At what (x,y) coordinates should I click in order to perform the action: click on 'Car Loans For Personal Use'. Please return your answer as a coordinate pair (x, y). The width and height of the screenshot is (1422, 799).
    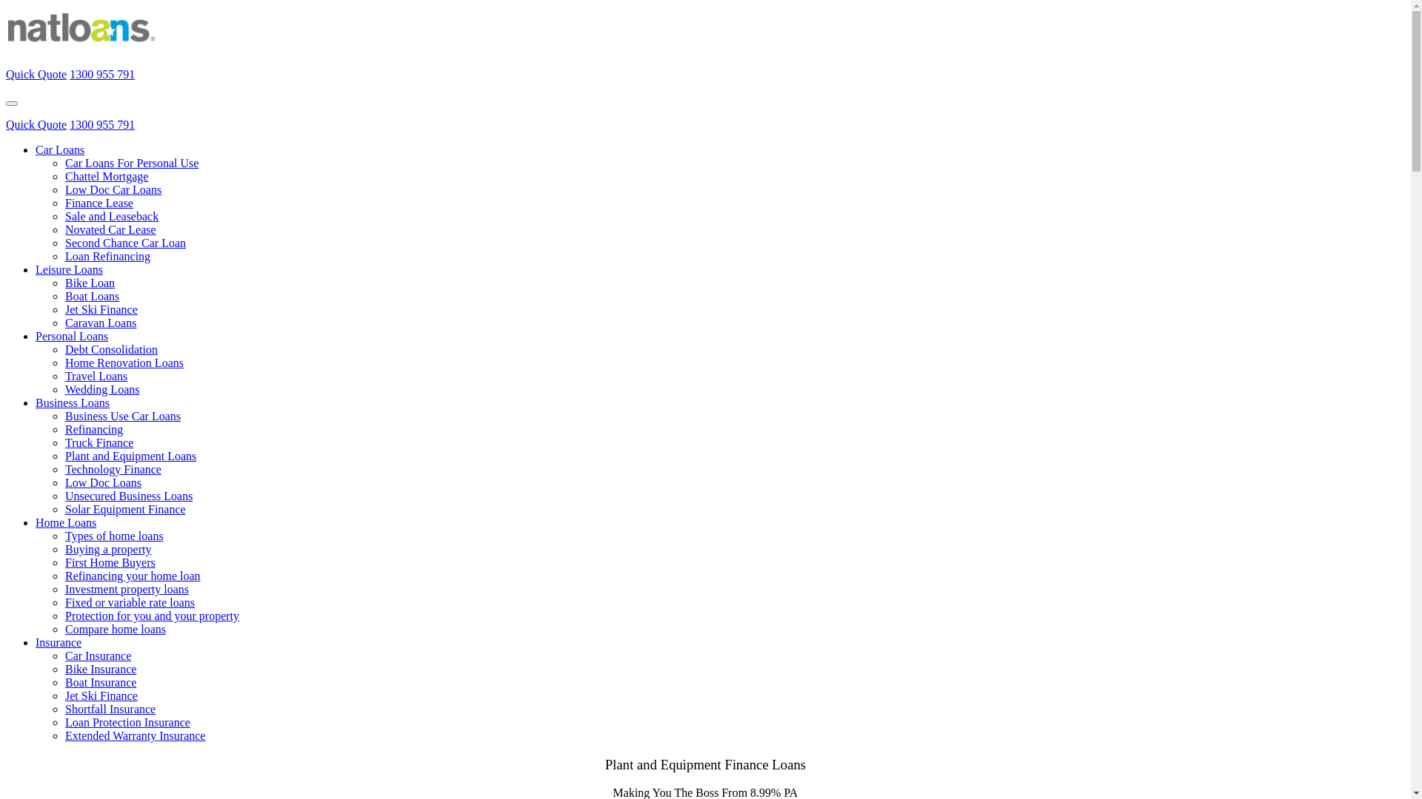
    Looking at the image, I should click on (131, 163).